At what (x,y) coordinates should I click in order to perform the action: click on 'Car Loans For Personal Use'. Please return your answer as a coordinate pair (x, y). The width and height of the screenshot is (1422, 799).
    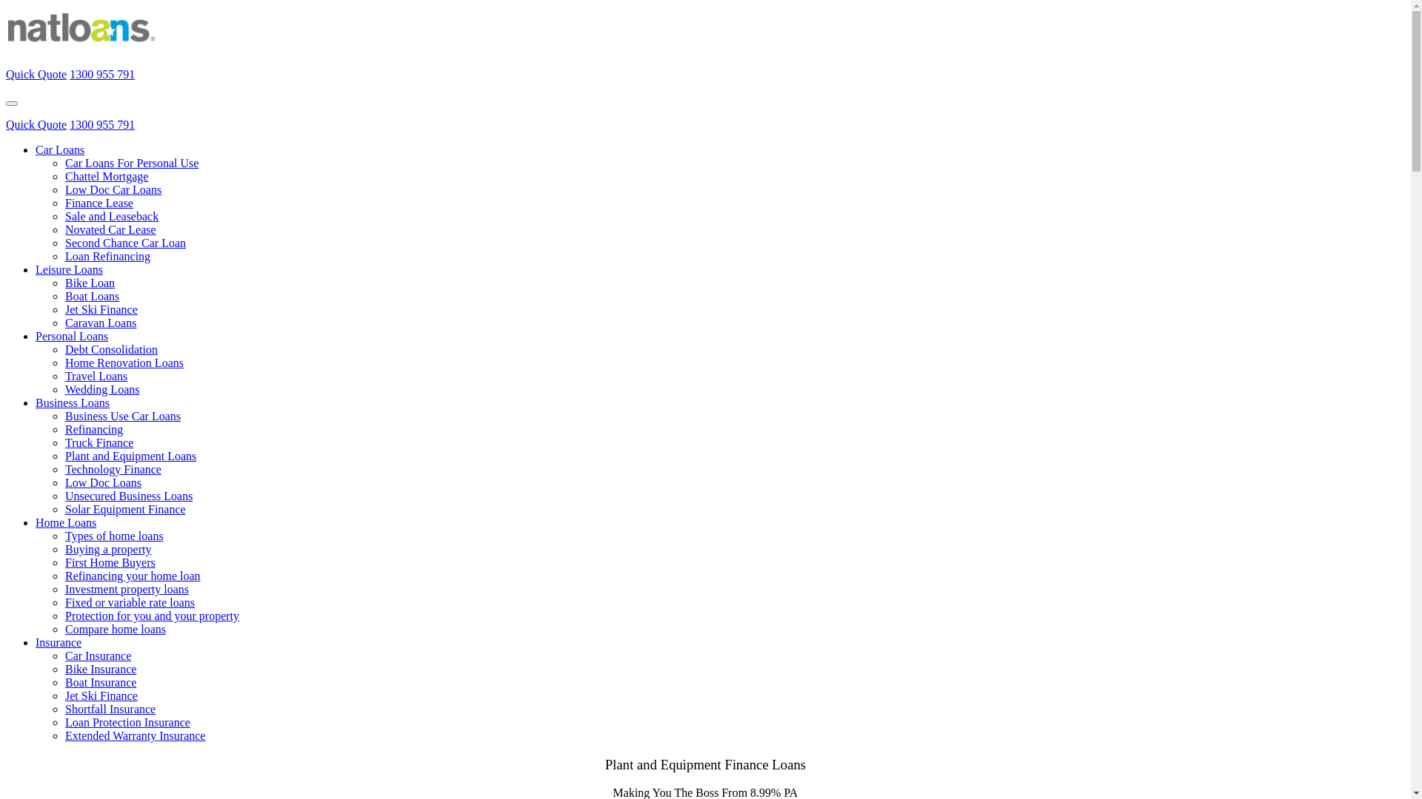
    Looking at the image, I should click on (131, 163).